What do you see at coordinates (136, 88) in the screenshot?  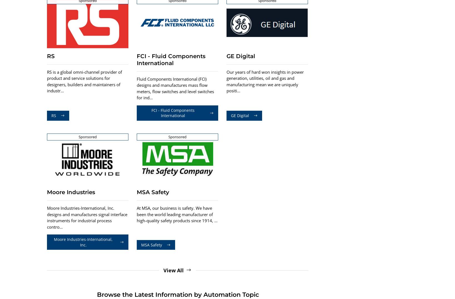 I see `'Fluid Components International (FCI) designs and manufactures mass flow meters, flow switches and level switches for ind…'` at bounding box center [136, 88].